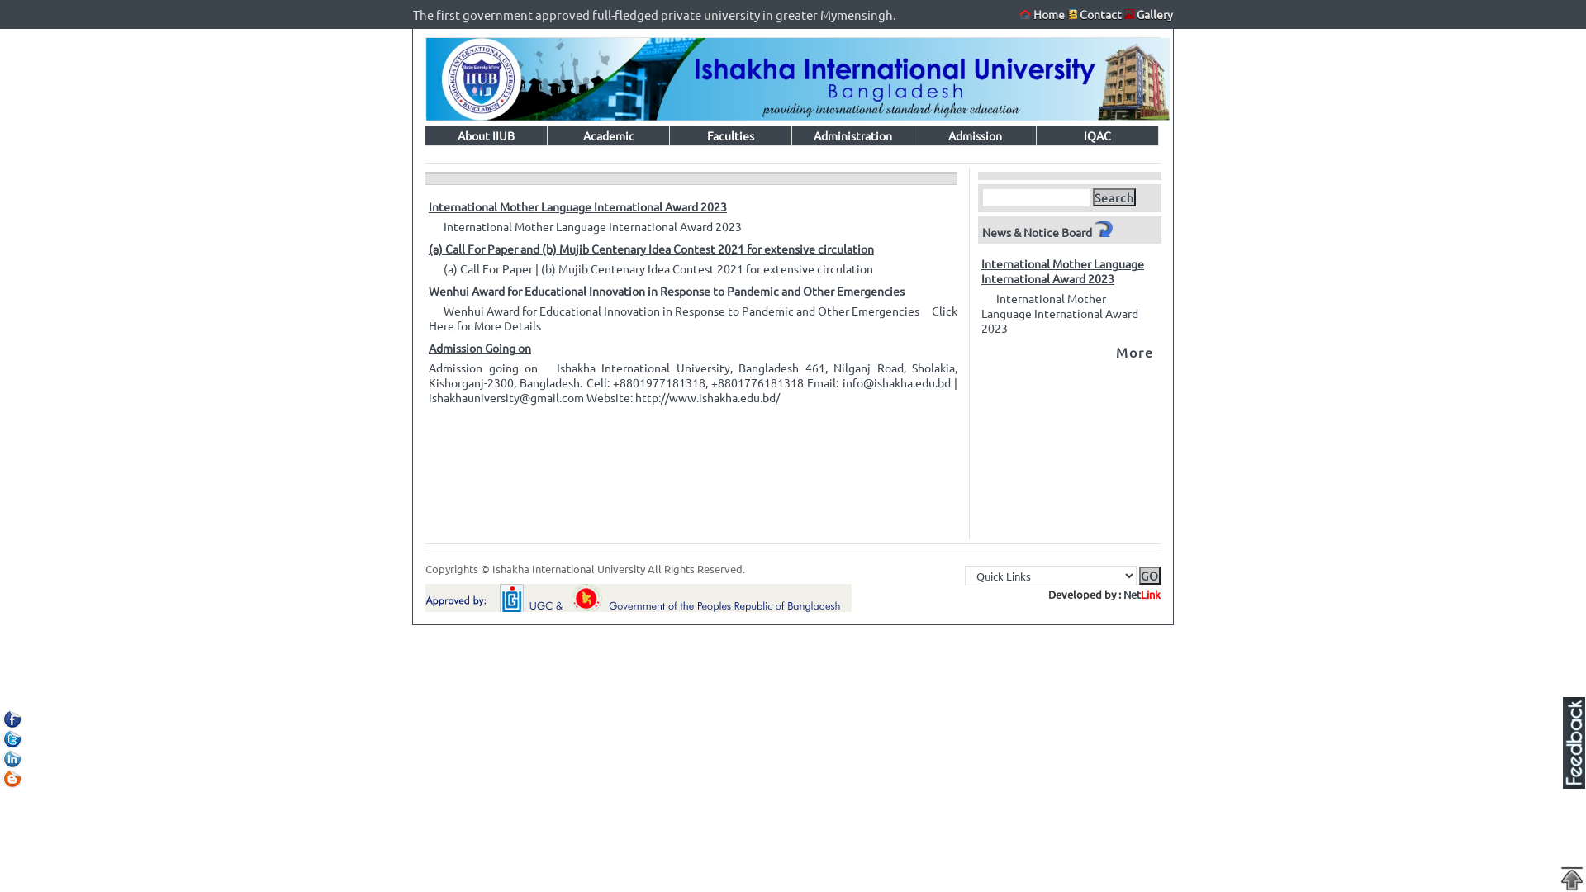 The height and width of the screenshot is (892, 1586). Describe the element at coordinates (852, 135) in the screenshot. I see `'Administration'` at that location.